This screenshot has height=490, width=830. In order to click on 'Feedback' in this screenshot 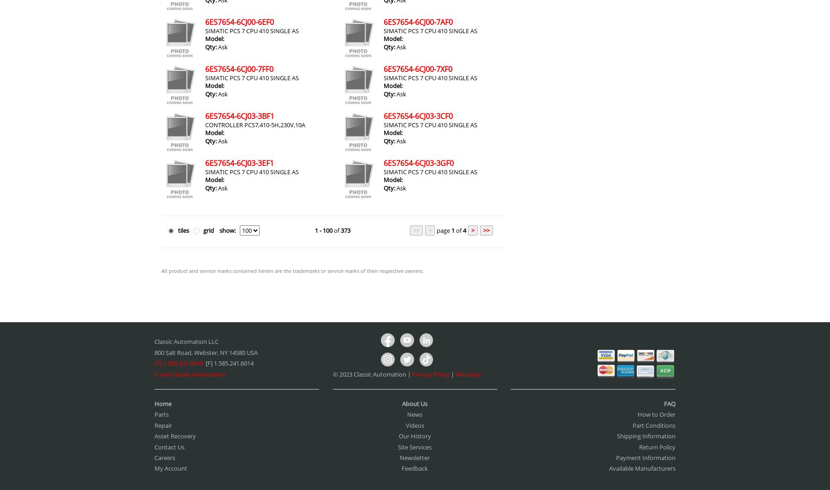, I will do `click(415, 468)`.